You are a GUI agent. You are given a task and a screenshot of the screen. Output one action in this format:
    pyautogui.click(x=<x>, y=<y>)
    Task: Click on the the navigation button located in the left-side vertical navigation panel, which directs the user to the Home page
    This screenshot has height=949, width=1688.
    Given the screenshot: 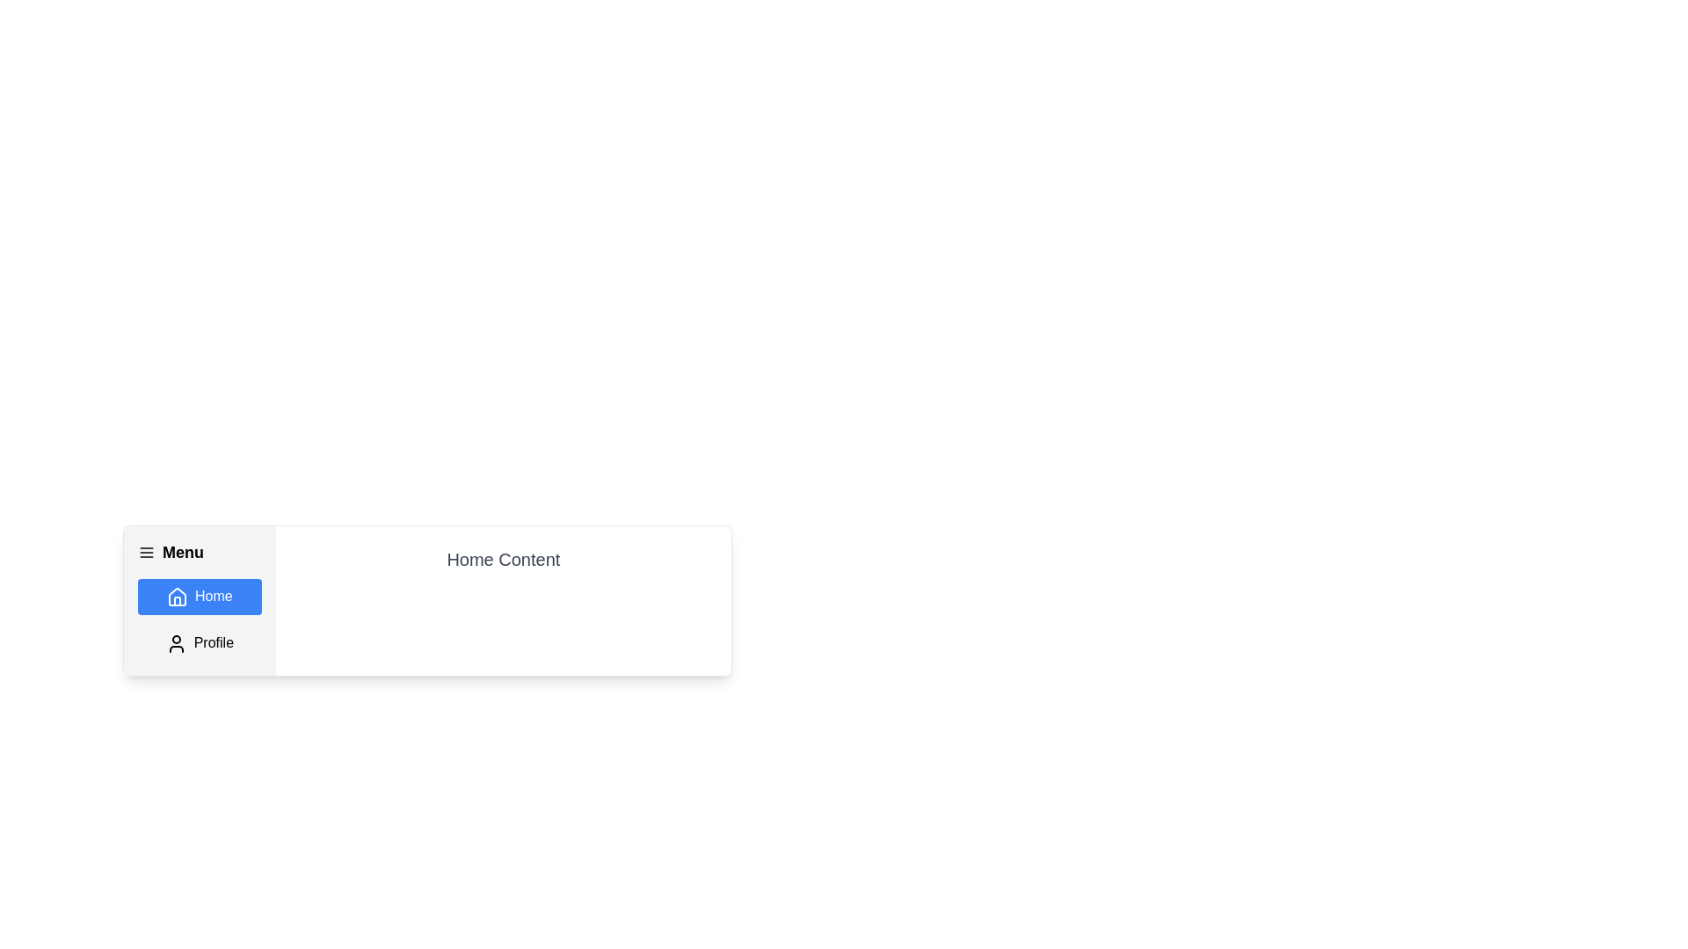 What is the action you would take?
    pyautogui.click(x=200, y=596)
    